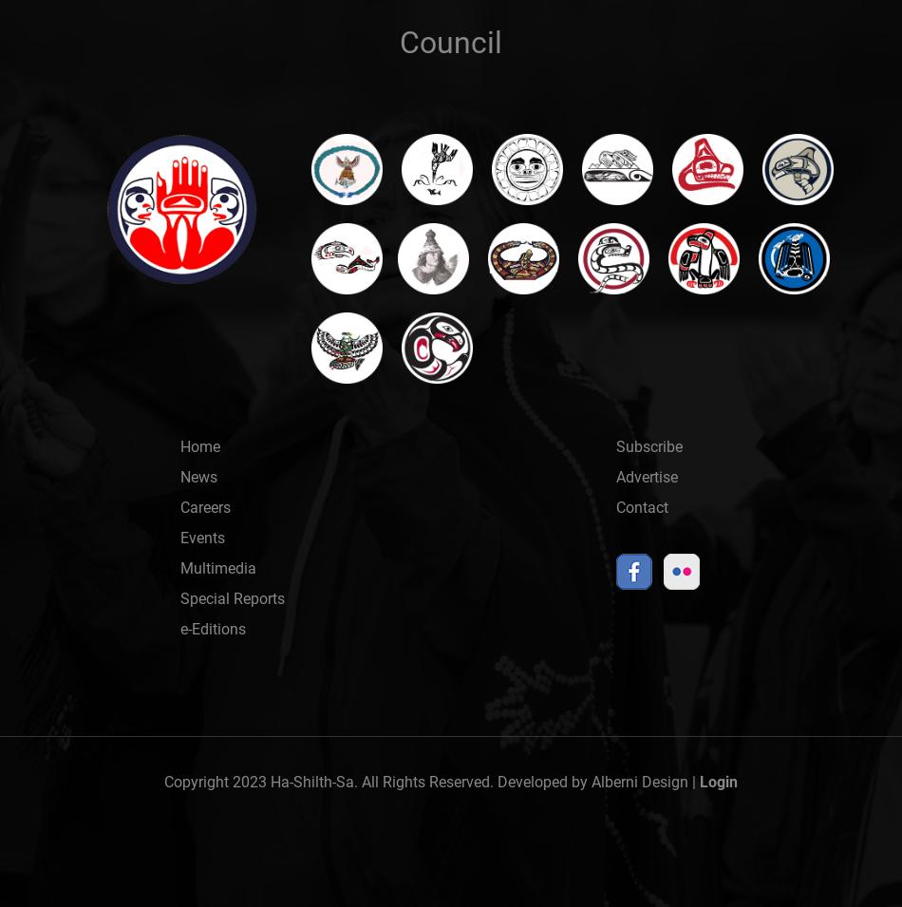 Image resolution: width=902 pixels, height=907 pixels. Describe the element at coordinates (693, 782) in the screenshot. I see `'|'` at that location.